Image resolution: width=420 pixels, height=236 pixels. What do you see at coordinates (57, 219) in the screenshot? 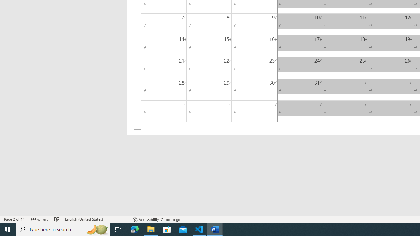
I see `'Spelling and Grammar Check Checking'` at bounding box center [57, 219].